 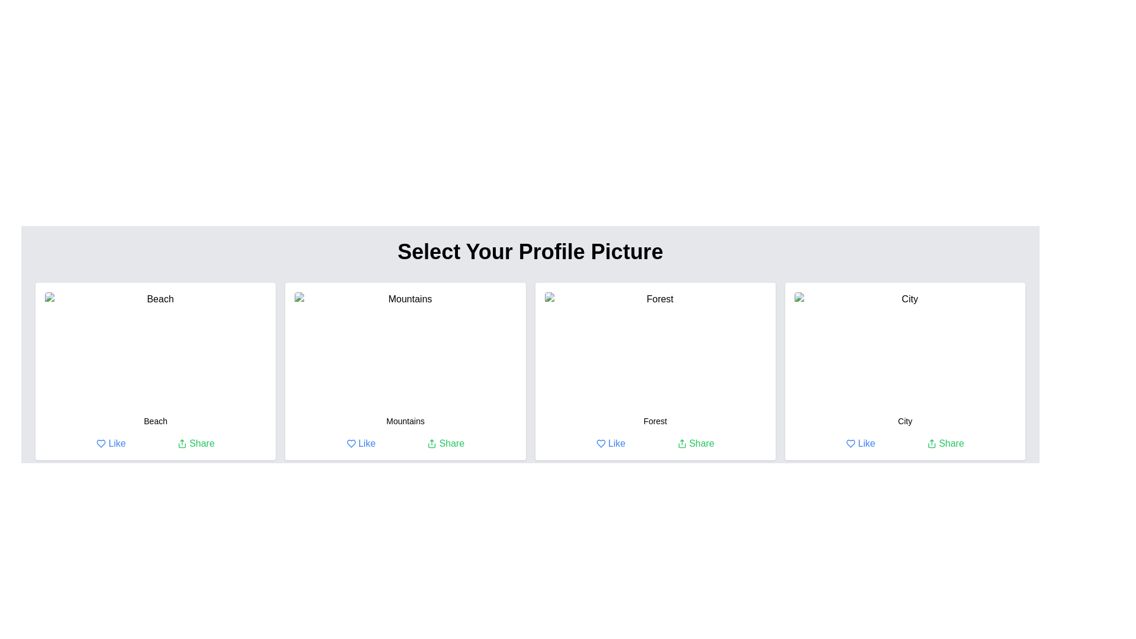 What do you see at coordinates (101, 443) in the screenshot?
I see `the heart-shaped icon outlined with a blue stroke, located to the left of the 'Like' text in the 'Like' button under the 'Beach' card` at bounding box center [101, 443].